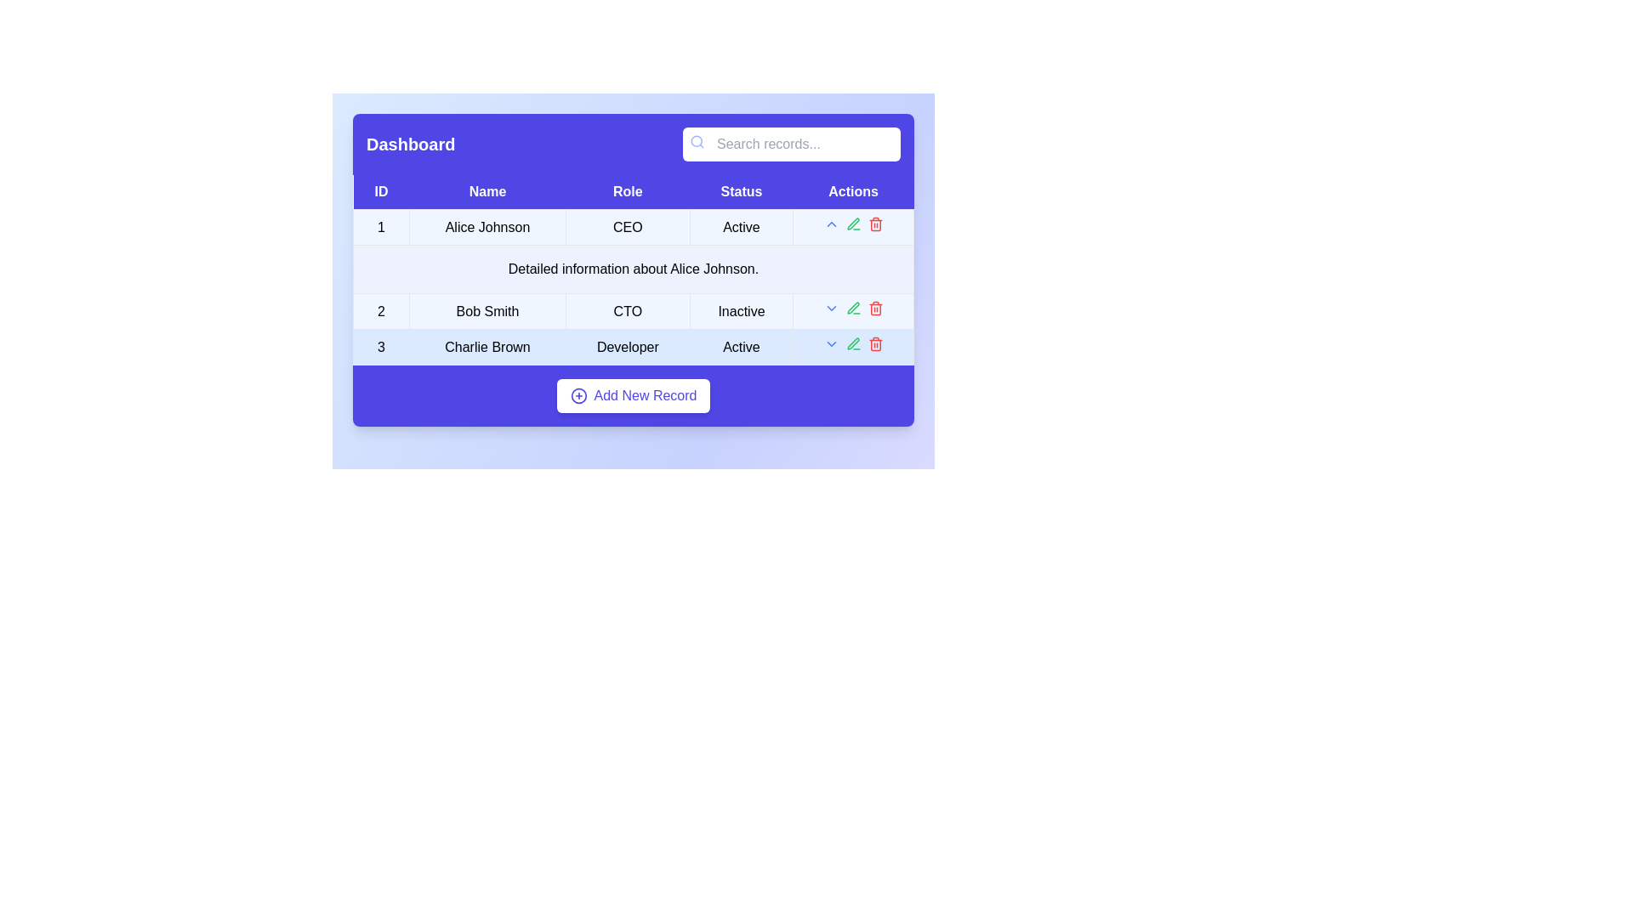 The height and width of the screenshot is (918, 1633). Describe the element at coordinates (380, 311) in the screenshot. I see `the text label displaying the character '2' which is the first cell in the second row of the table under the 'ID' column` at that location.